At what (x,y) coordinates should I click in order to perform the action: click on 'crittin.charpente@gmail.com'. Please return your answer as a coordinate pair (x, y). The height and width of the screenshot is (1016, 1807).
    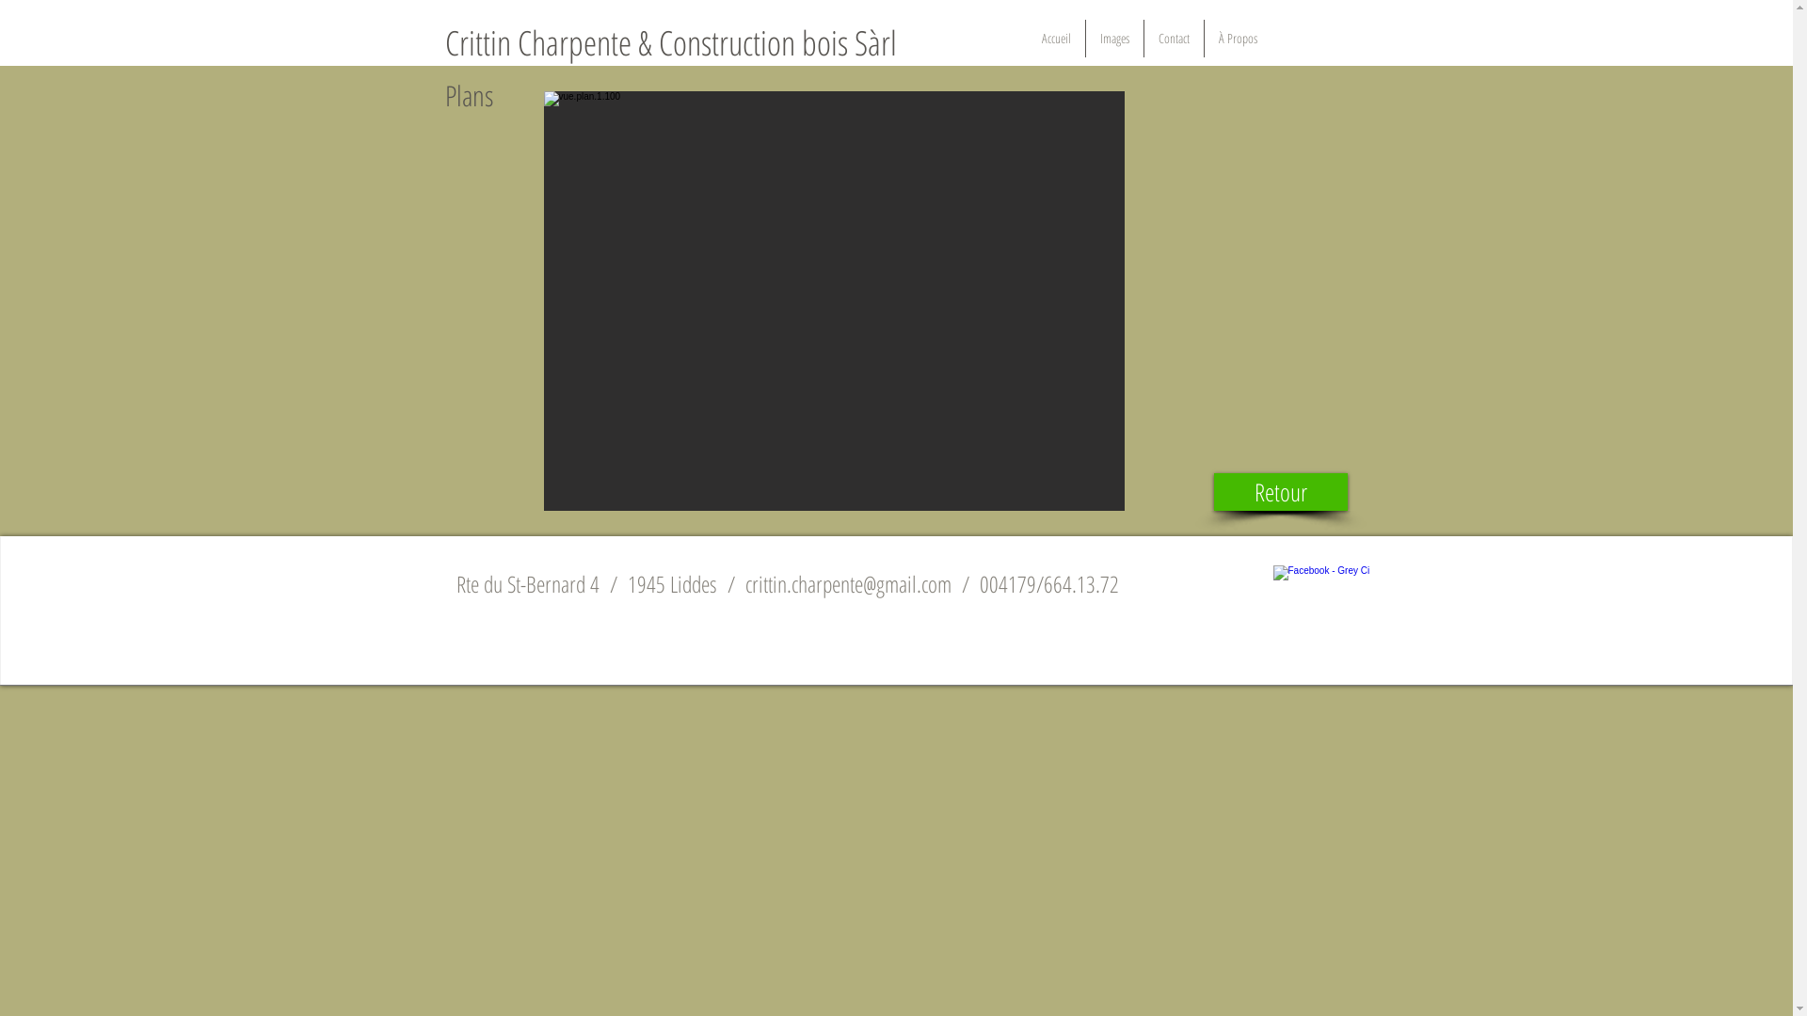
    Looking at the image, I should click on (847, 582).